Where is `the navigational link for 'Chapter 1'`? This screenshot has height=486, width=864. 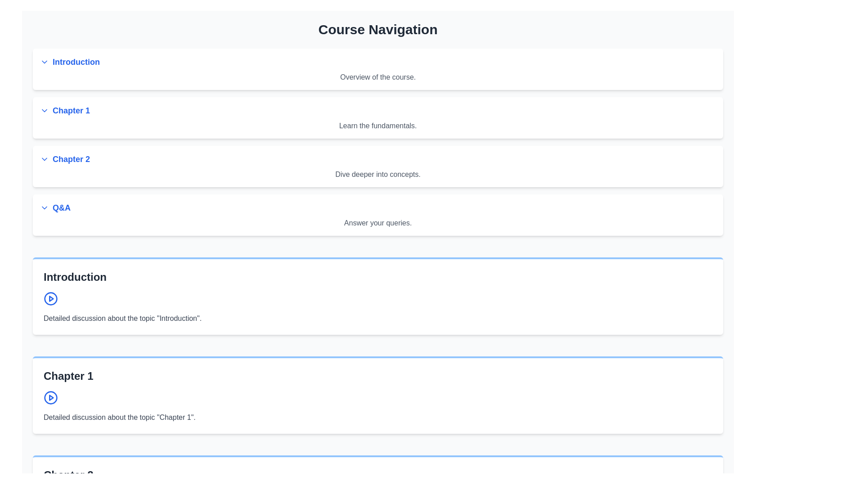 the navigational link for 'Chapter 1' is located at coordinates (71, 110).